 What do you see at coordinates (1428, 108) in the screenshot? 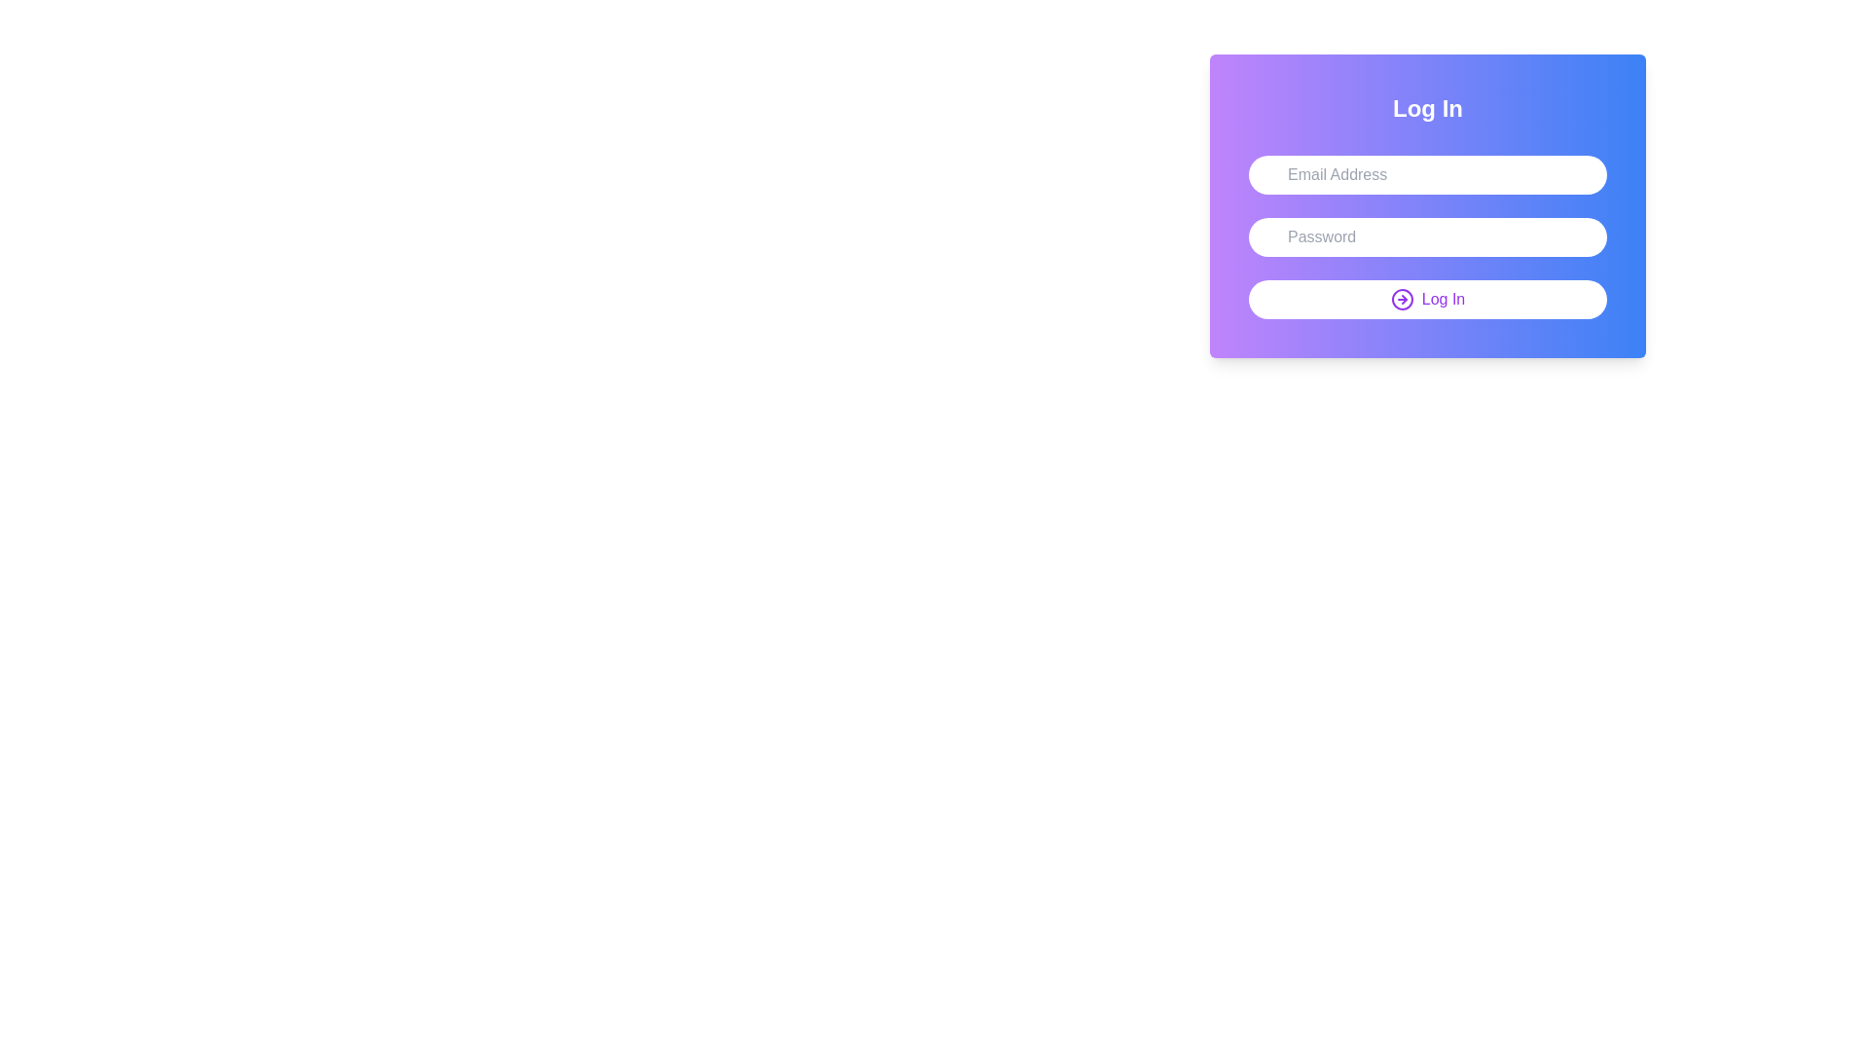
I see `the bold-text header element that reads 'Log In', which is styled with a white font and centered on a purple-to-blue gradient background` at bounding box center [1428, 108].